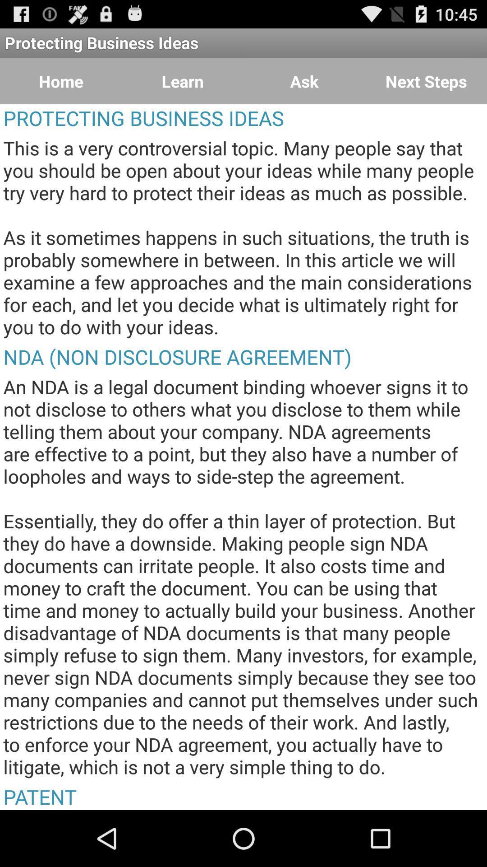 The width and height of the screenshot is (487, 867). Describe the element at coordinates (183, 81) in the screenshot. I see `item above the protecting business ideas item` at that location.